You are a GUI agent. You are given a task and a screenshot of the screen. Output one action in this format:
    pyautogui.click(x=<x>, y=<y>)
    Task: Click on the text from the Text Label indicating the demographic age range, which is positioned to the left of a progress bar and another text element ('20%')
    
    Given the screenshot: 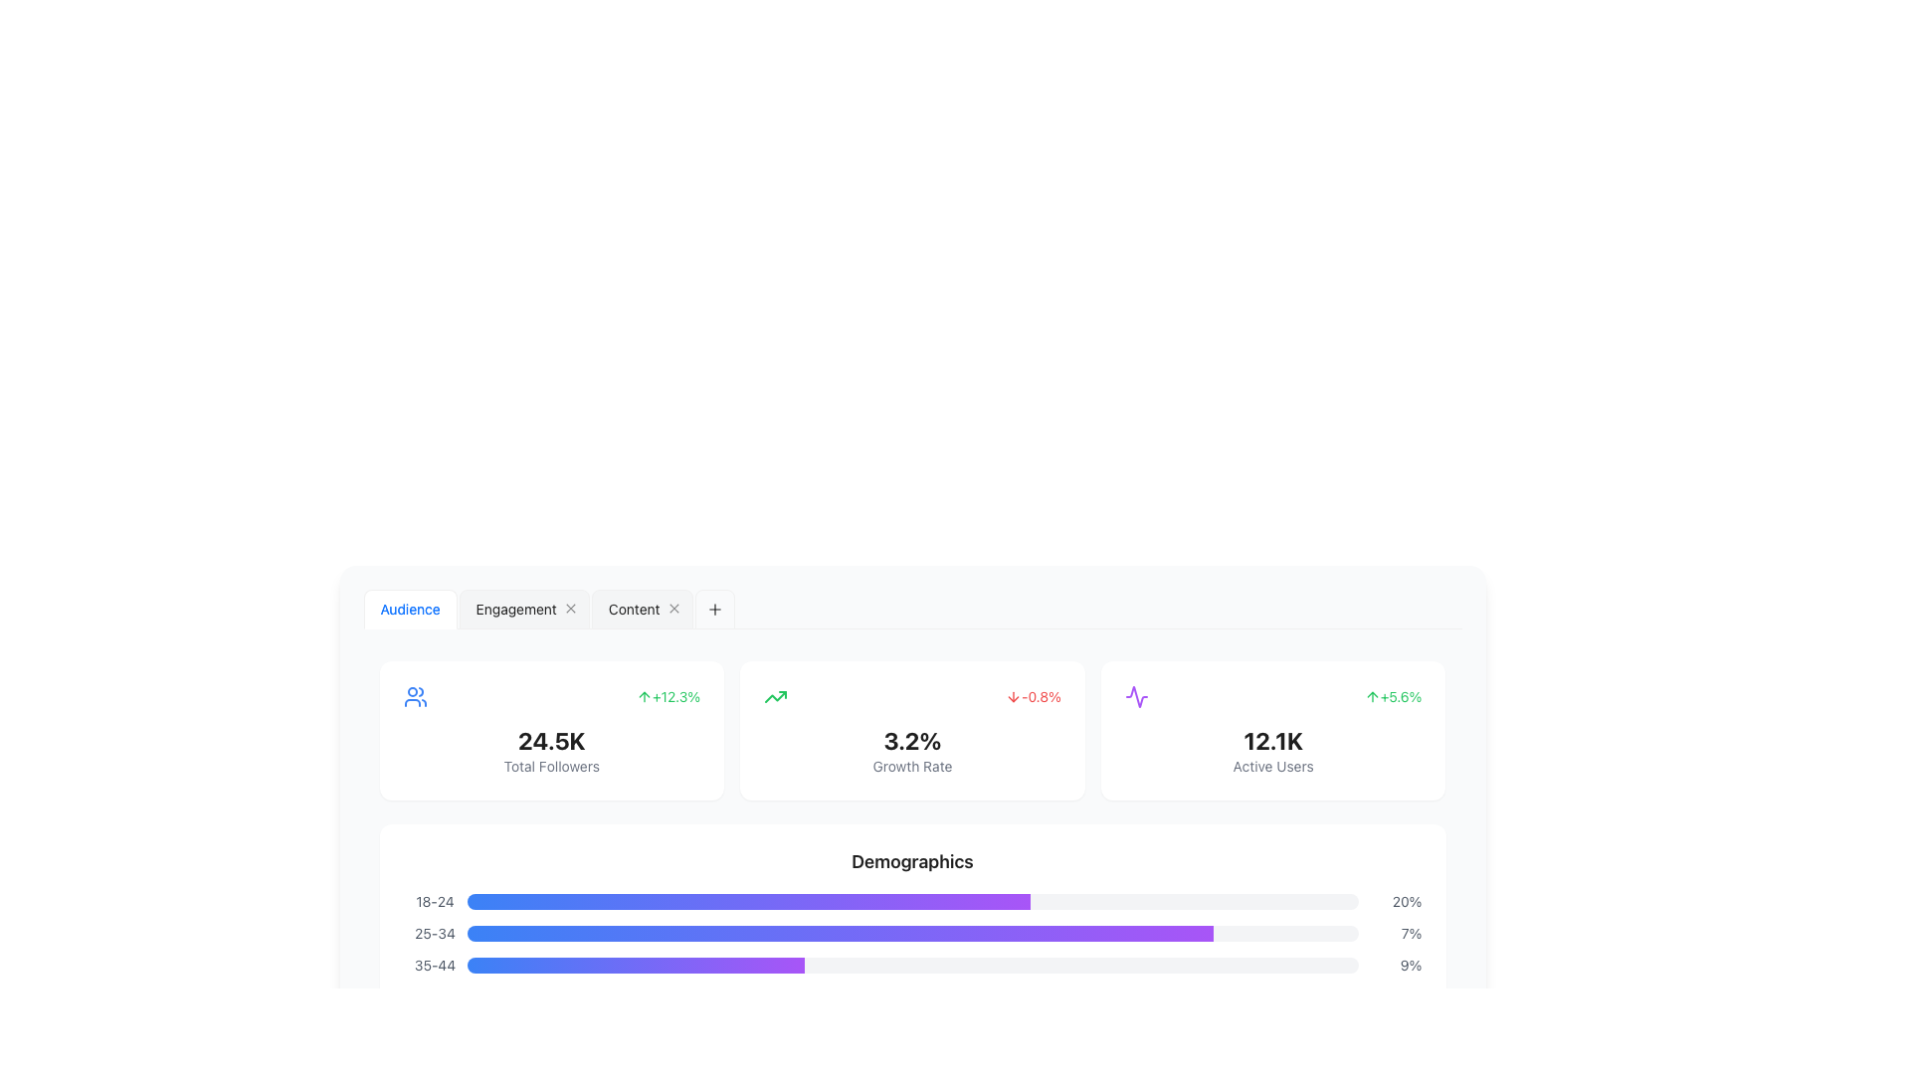 What is the action you would take?
    pyautogui.click(x=434, y=901)
    